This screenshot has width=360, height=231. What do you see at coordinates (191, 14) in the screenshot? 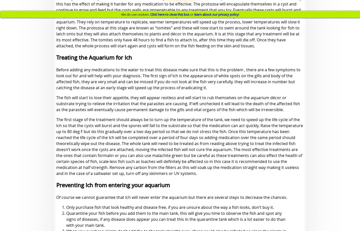
I see `'or'` at bounding box center [191, 14].